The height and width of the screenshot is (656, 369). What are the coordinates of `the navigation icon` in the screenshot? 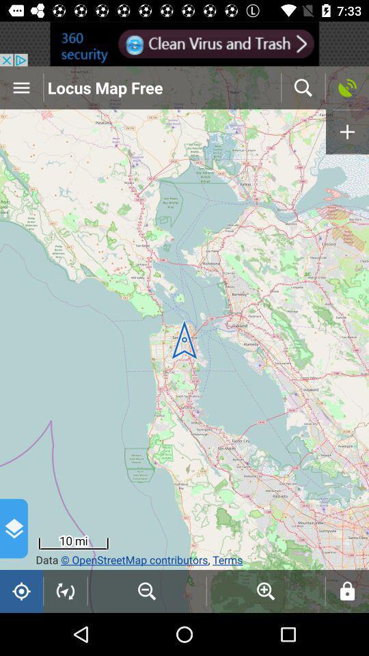 It's located at (65, 590).